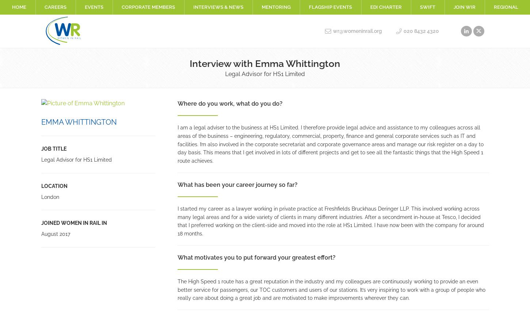  I want to click on 'Emma Whittington', so click(78, 122).